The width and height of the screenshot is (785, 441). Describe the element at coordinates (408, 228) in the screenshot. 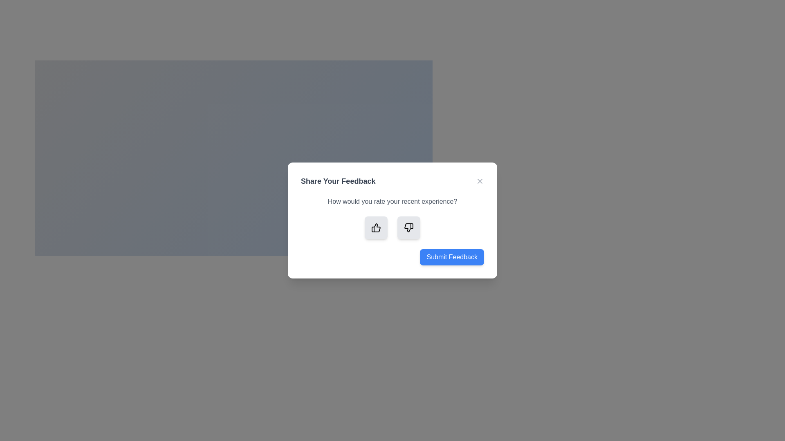

I see `the negative feedback button located in the center area of the modal dialog to observe the background color change` at that location.